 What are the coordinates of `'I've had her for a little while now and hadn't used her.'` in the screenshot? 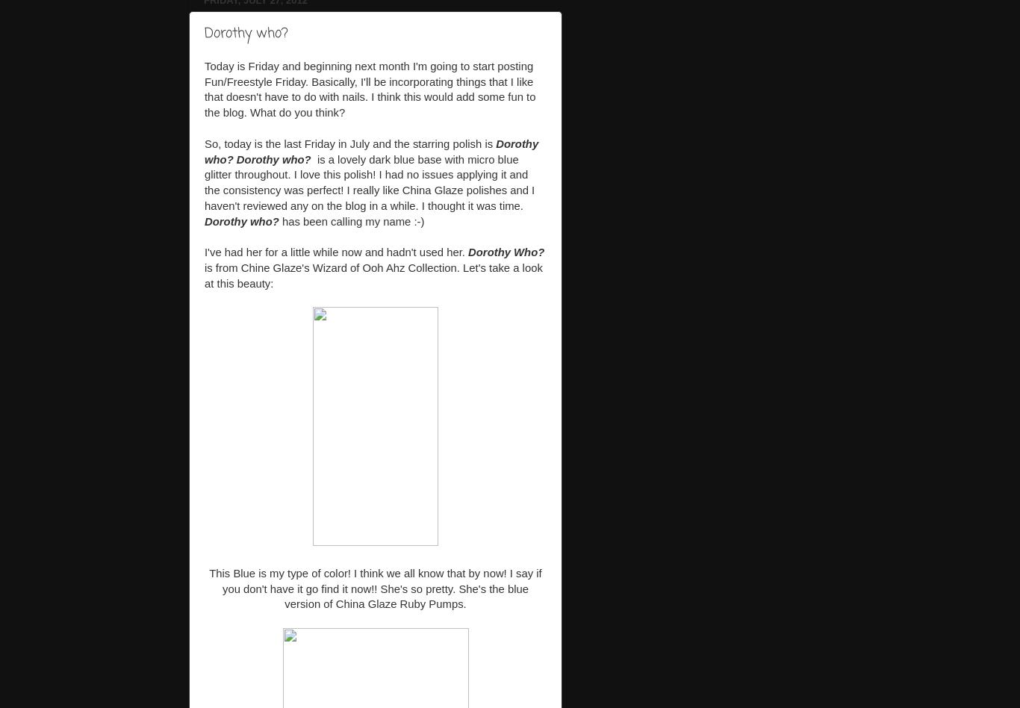 It's located at (334, 252).